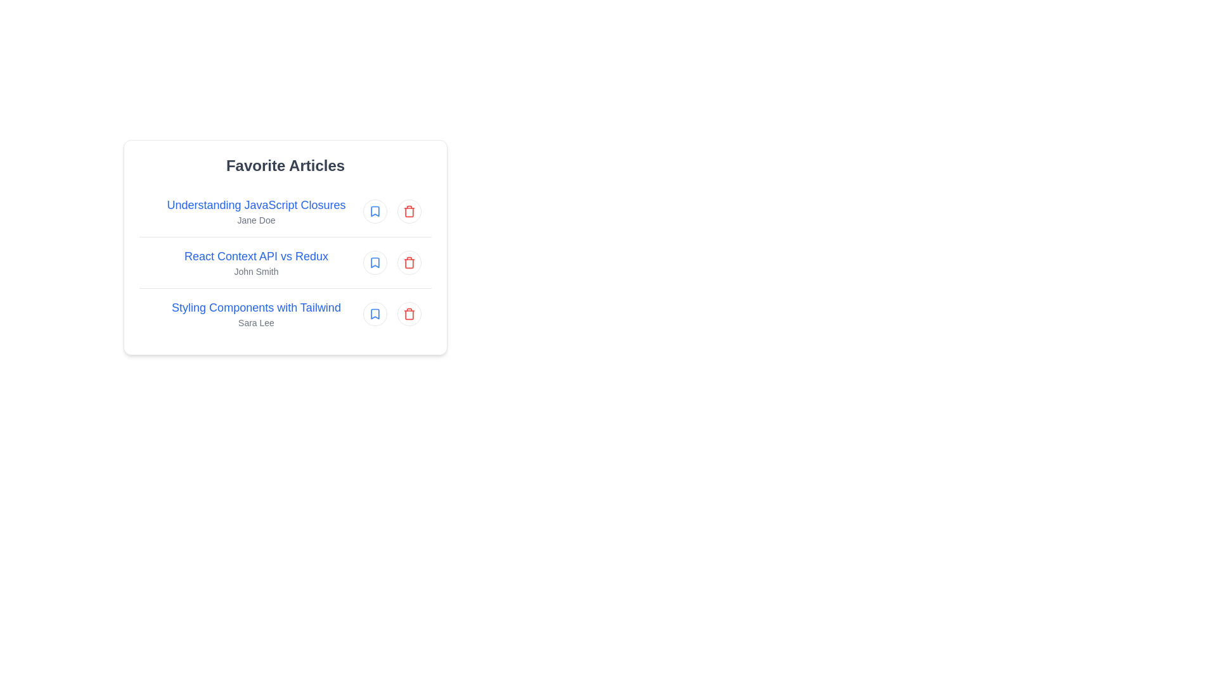 The height and width of the screenshot is (684, 1217). Describe the element at coordinates (285, 211) in the screenshot. I see `the article entry titled 'Understanding JavaScript Closures'` at that location.